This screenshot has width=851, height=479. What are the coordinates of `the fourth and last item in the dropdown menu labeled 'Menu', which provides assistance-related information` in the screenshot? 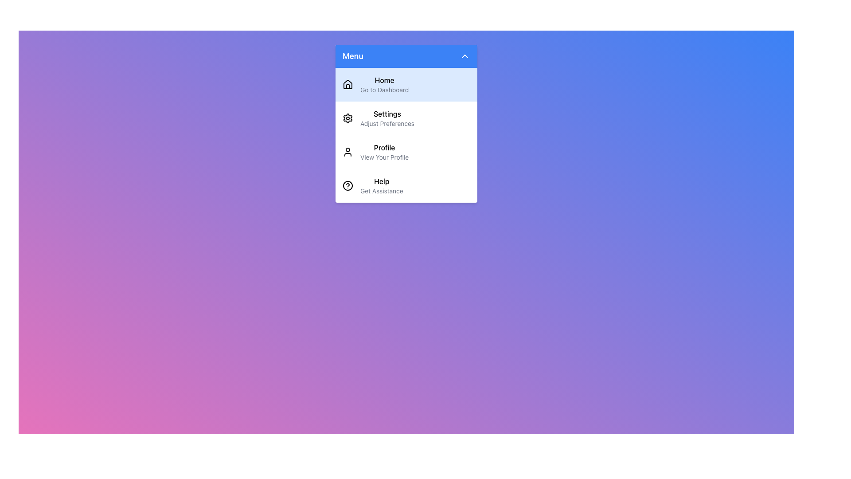 It's located at (382, 185).